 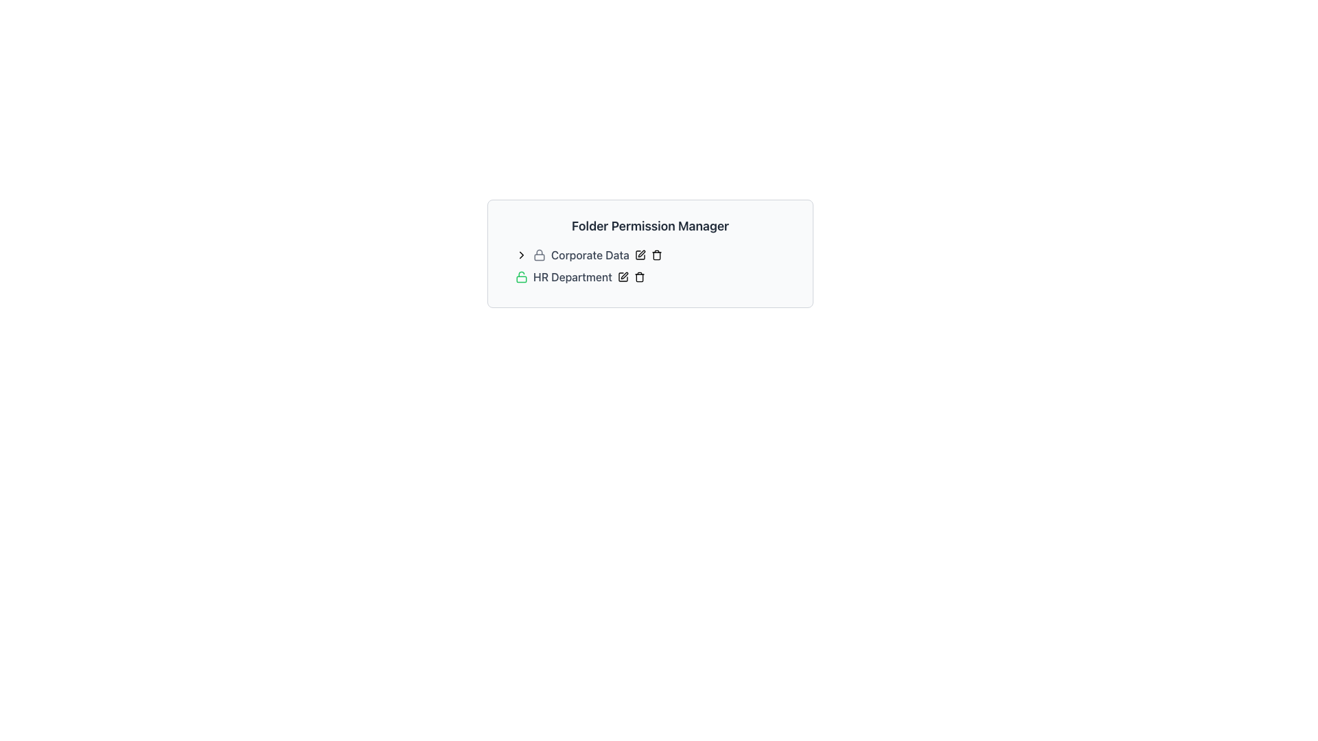 I want to click on the 'HR Department' text label located beneath the 'Corporate Data' element in the 'Folder Permission Manager' interface, positioned between a green lock icon and two interactive icons, so click(x=573, y=277).